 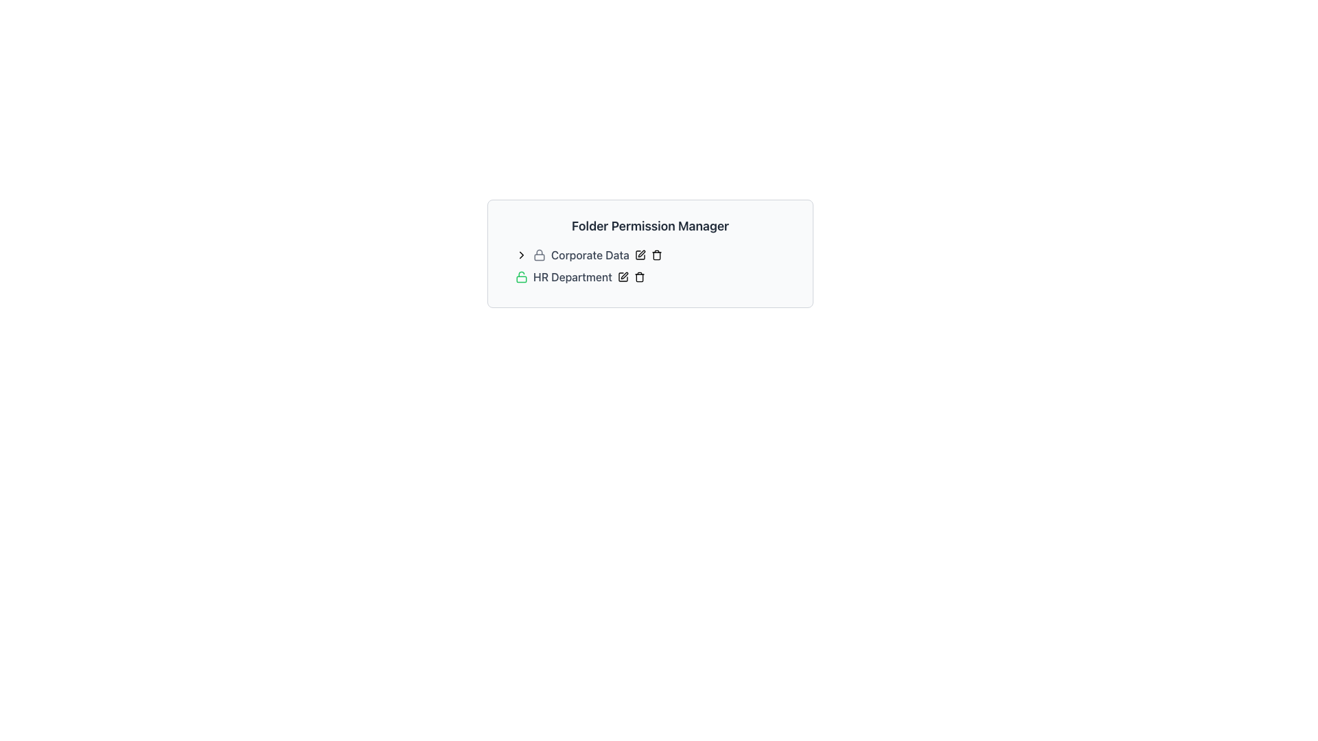 I want to click on the 'HR Department' text label located beneath the 'Corporate Data' element in the 'Folder Permission Manager' interface, positioned between a green lock icon and two interactive icons, so click(x=573, y=277).